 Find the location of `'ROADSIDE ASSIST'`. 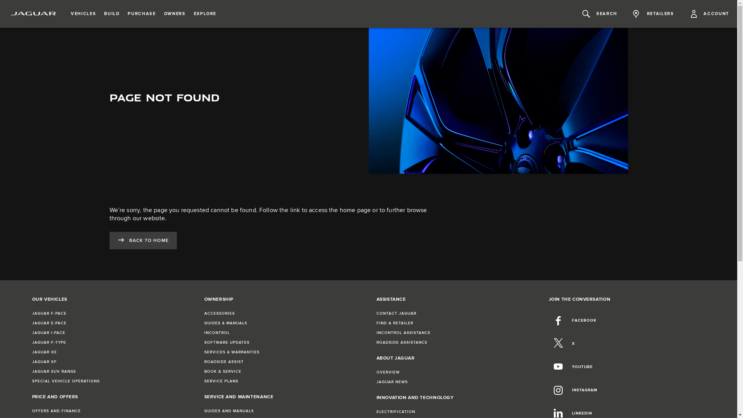

'ROADSIDE ASSIST' is located at coordinates (224, 361).